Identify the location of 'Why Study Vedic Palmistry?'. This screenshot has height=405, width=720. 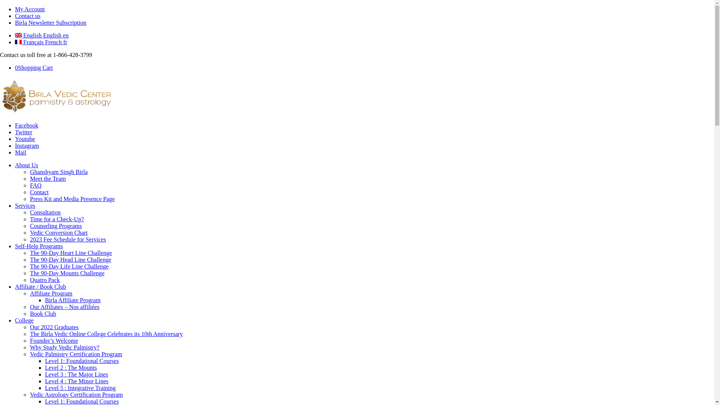
(30, 347).